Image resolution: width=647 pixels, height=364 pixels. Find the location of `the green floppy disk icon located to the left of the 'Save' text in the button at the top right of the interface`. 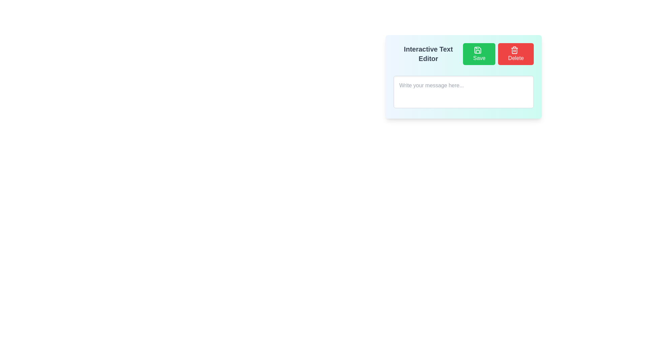

the green floppy disk icon located to the left of the 'Save' text in the button at the top right of the interface is located at coordinates (477, 50).